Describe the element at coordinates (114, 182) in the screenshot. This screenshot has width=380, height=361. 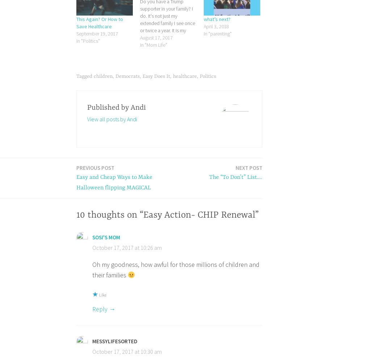
I see `'Easy and Cheap Ways to Make Halloween flipping MAGICAL'` at that location.